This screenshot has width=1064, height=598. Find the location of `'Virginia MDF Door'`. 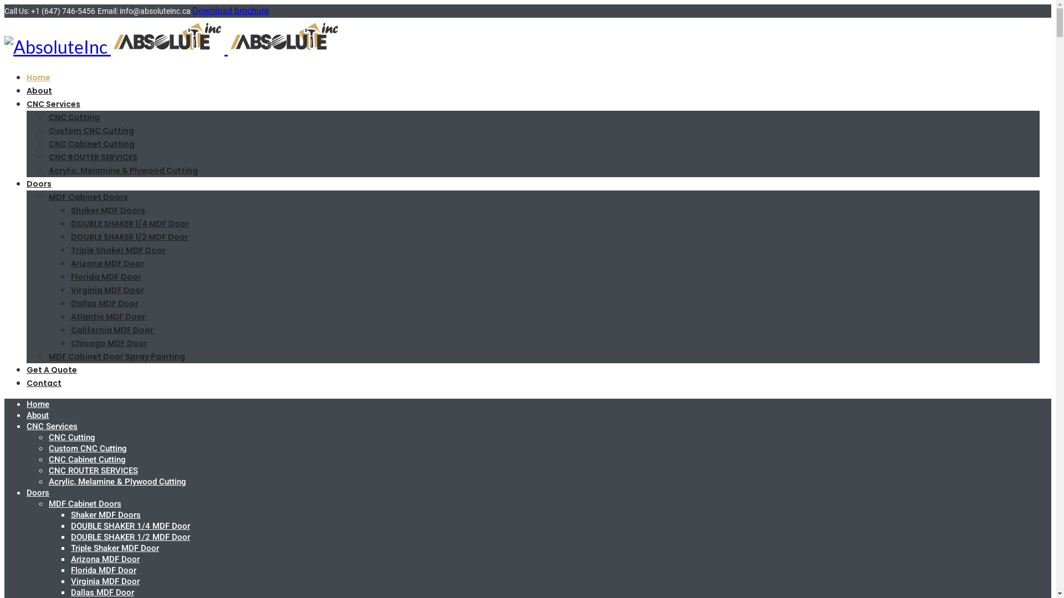

'Virginia MDF Door' is located at coordinates (105, 580).